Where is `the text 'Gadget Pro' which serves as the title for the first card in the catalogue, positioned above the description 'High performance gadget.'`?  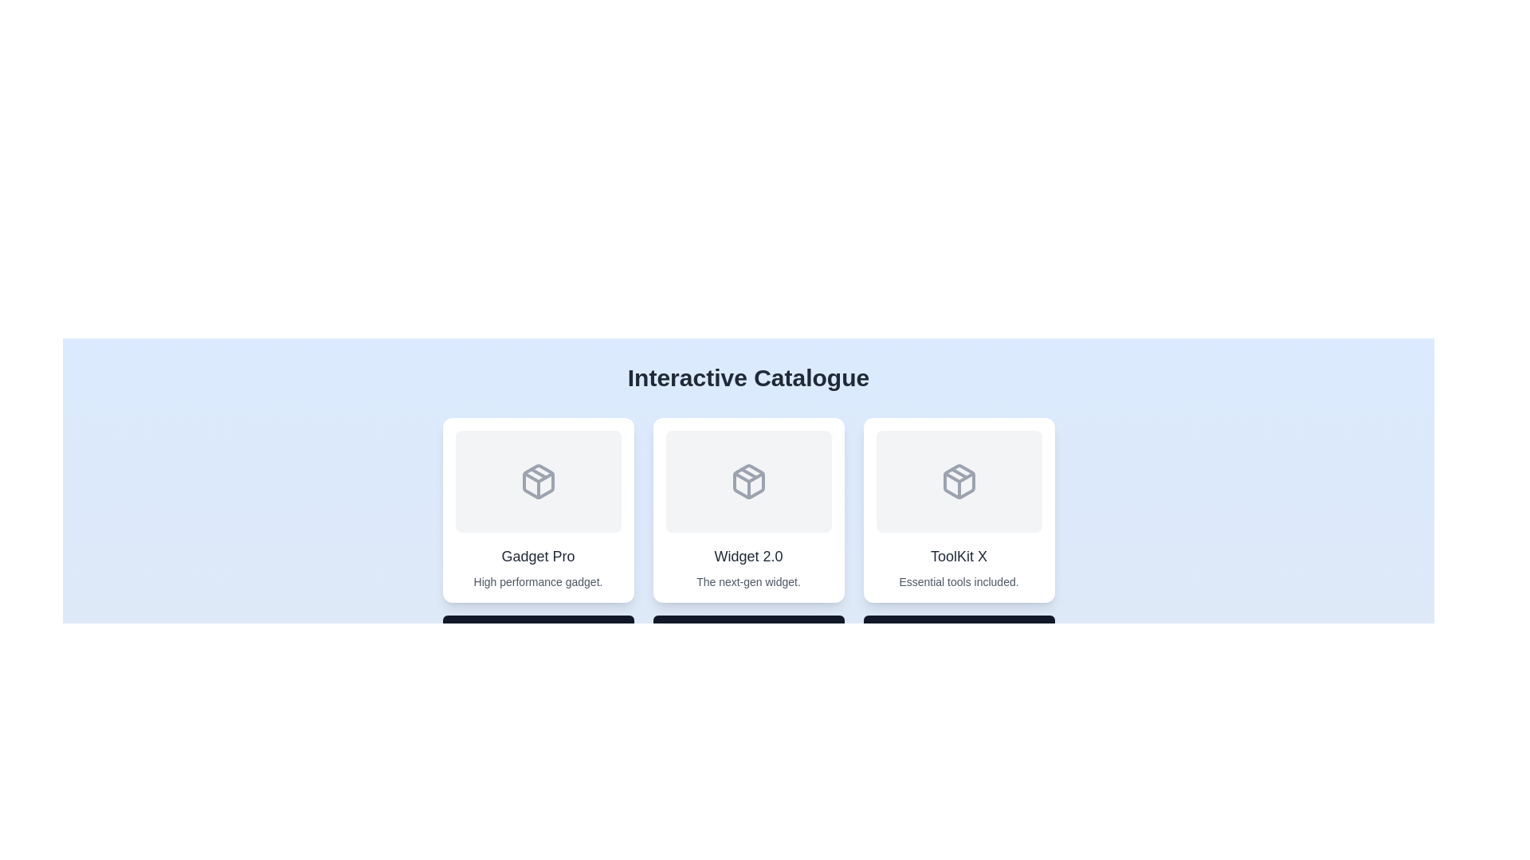
the text 'Gadget Pro' which serves as the title for the first card in the catalogue, positioned above the description 'High performance gadget.' is located at coordinates (538, 555).